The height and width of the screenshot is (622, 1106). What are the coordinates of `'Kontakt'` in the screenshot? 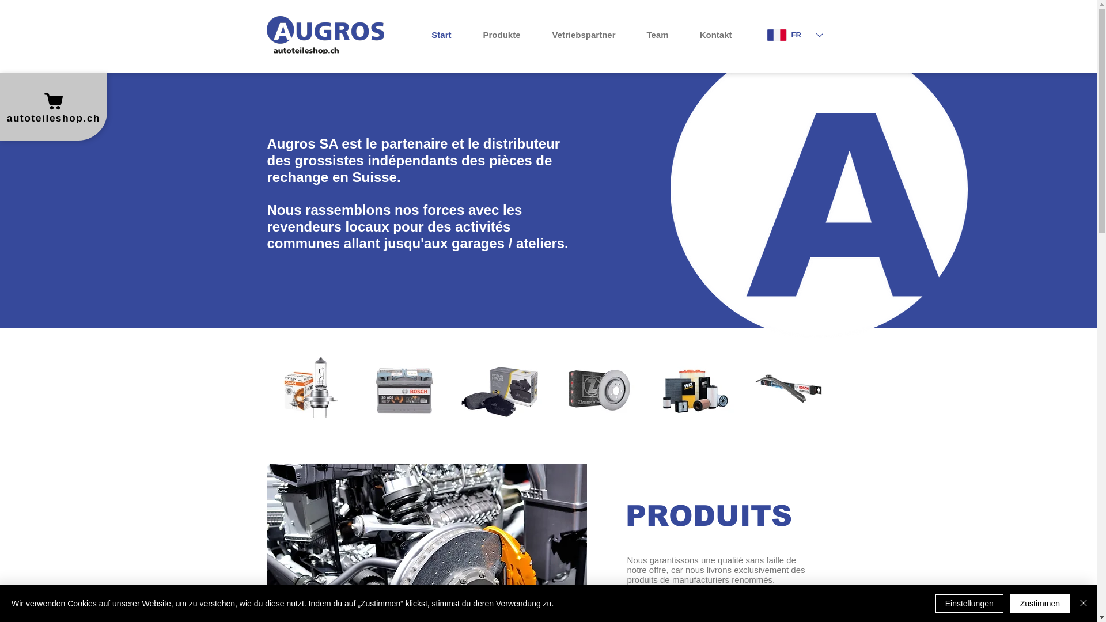 It's located at (708, 35).